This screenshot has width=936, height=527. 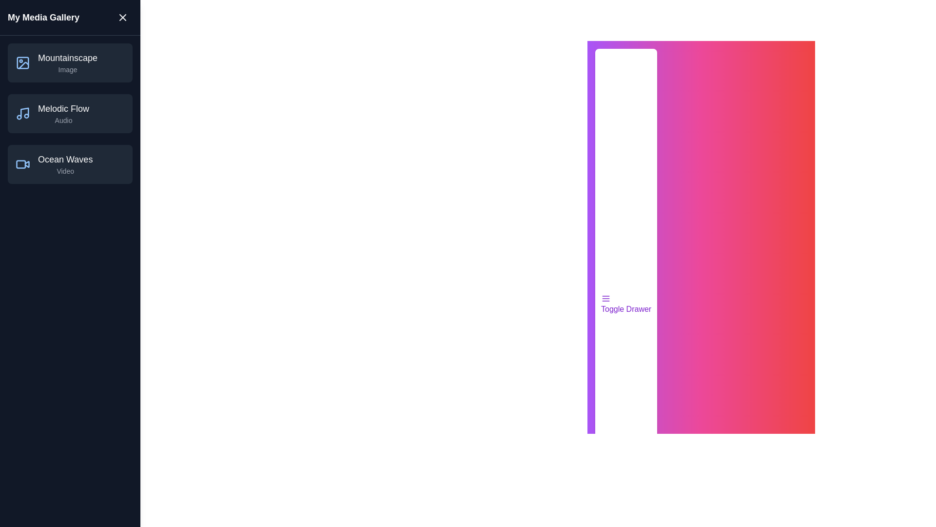 What do you see at coordinates (70, 62) in the screenshot?
I see `the media item Mountainscape from the list` at bounding box center [70, 62].